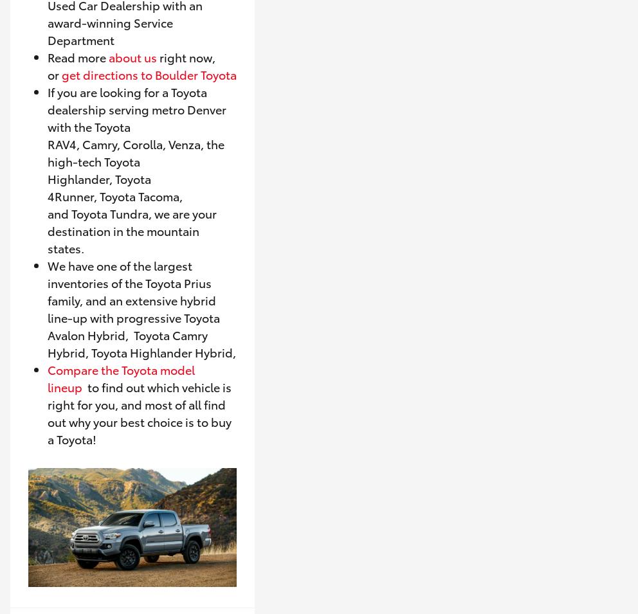 Image resolution: width=638 pixels, height=614 pixels. What do you see at coordinates (132, 56) in the screenshot?
I see `'about us'` at bounding box center [132, 56].